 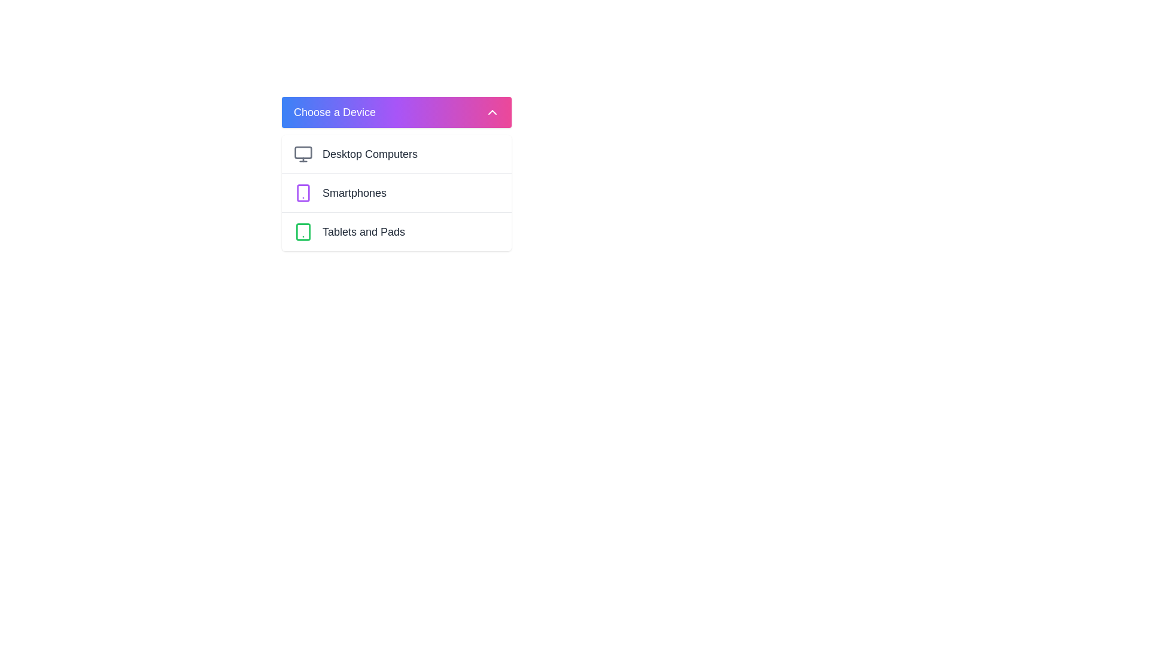 What do you see at coordinates (354, 193) in the screenshot?
I see `the text label displaying 'Smartphones' which is the second item in the vertical menu under 'Choose a Device'` at bounding box center [354, 193].